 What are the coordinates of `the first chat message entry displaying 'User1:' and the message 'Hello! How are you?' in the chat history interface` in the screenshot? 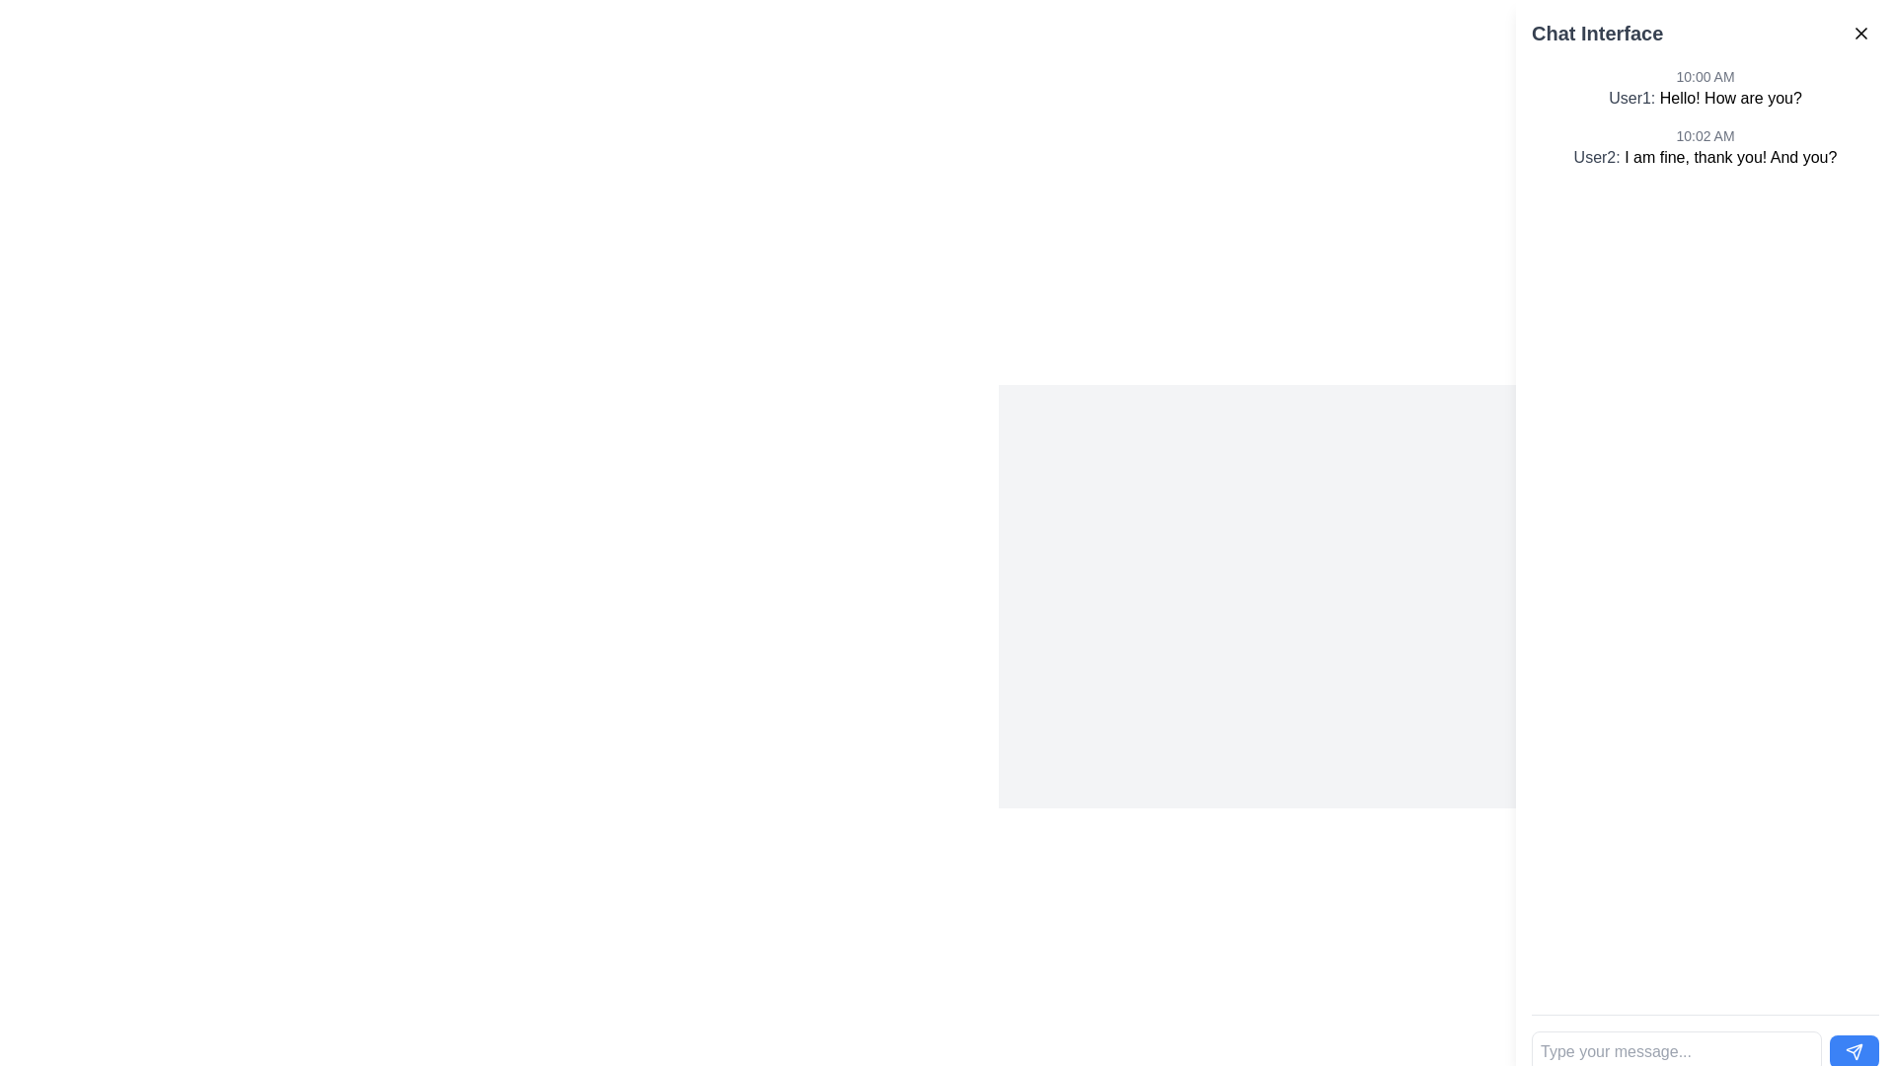 It's located at (1705, 87).